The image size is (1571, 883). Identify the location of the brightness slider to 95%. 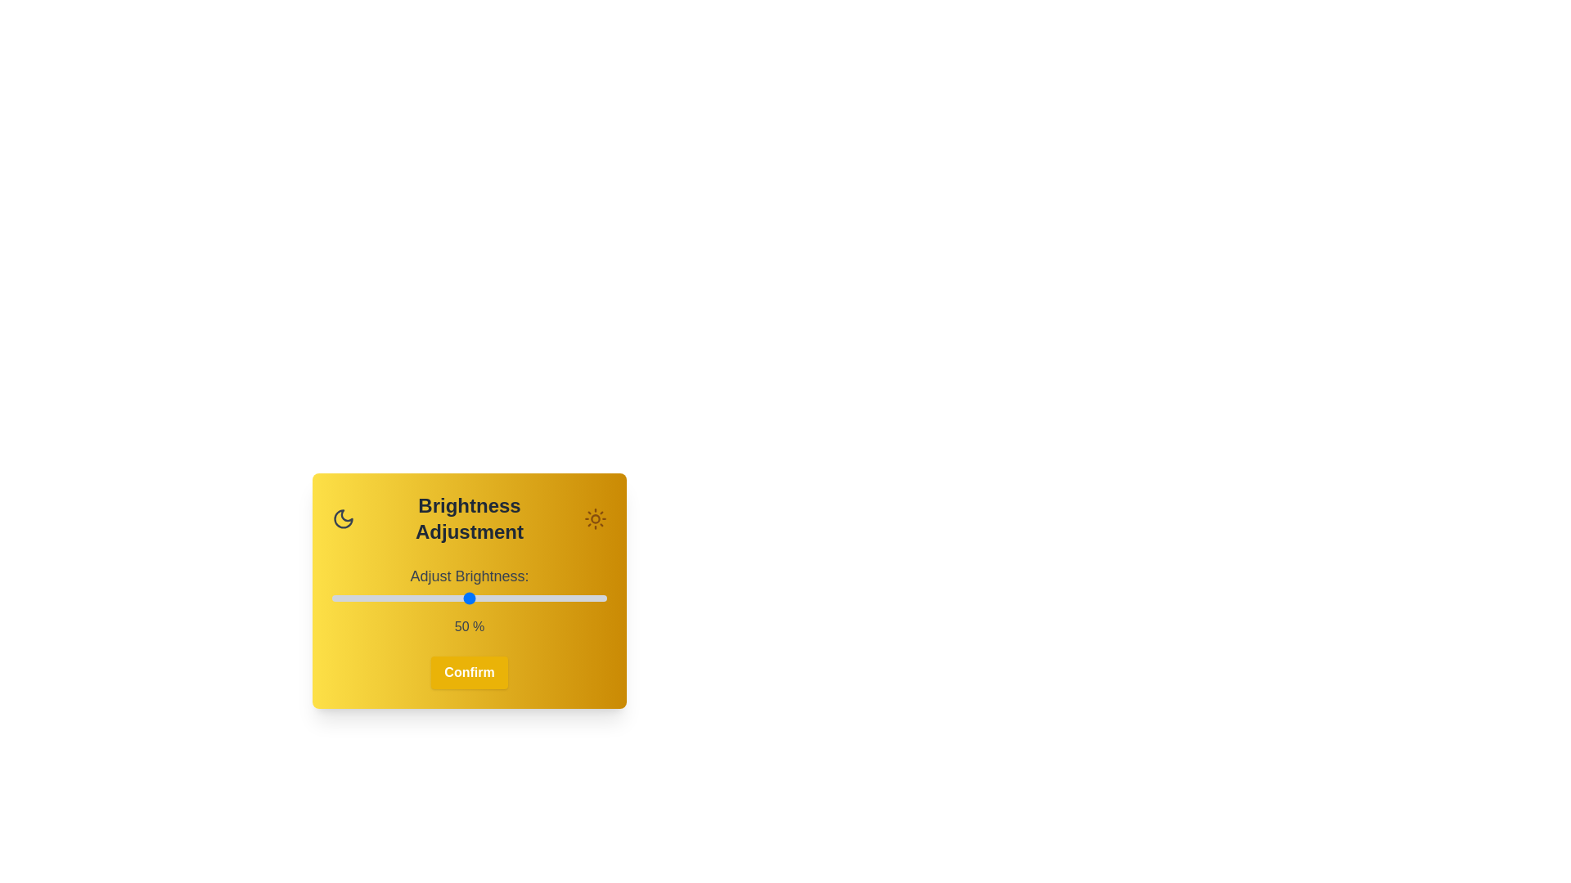
(592, 598).